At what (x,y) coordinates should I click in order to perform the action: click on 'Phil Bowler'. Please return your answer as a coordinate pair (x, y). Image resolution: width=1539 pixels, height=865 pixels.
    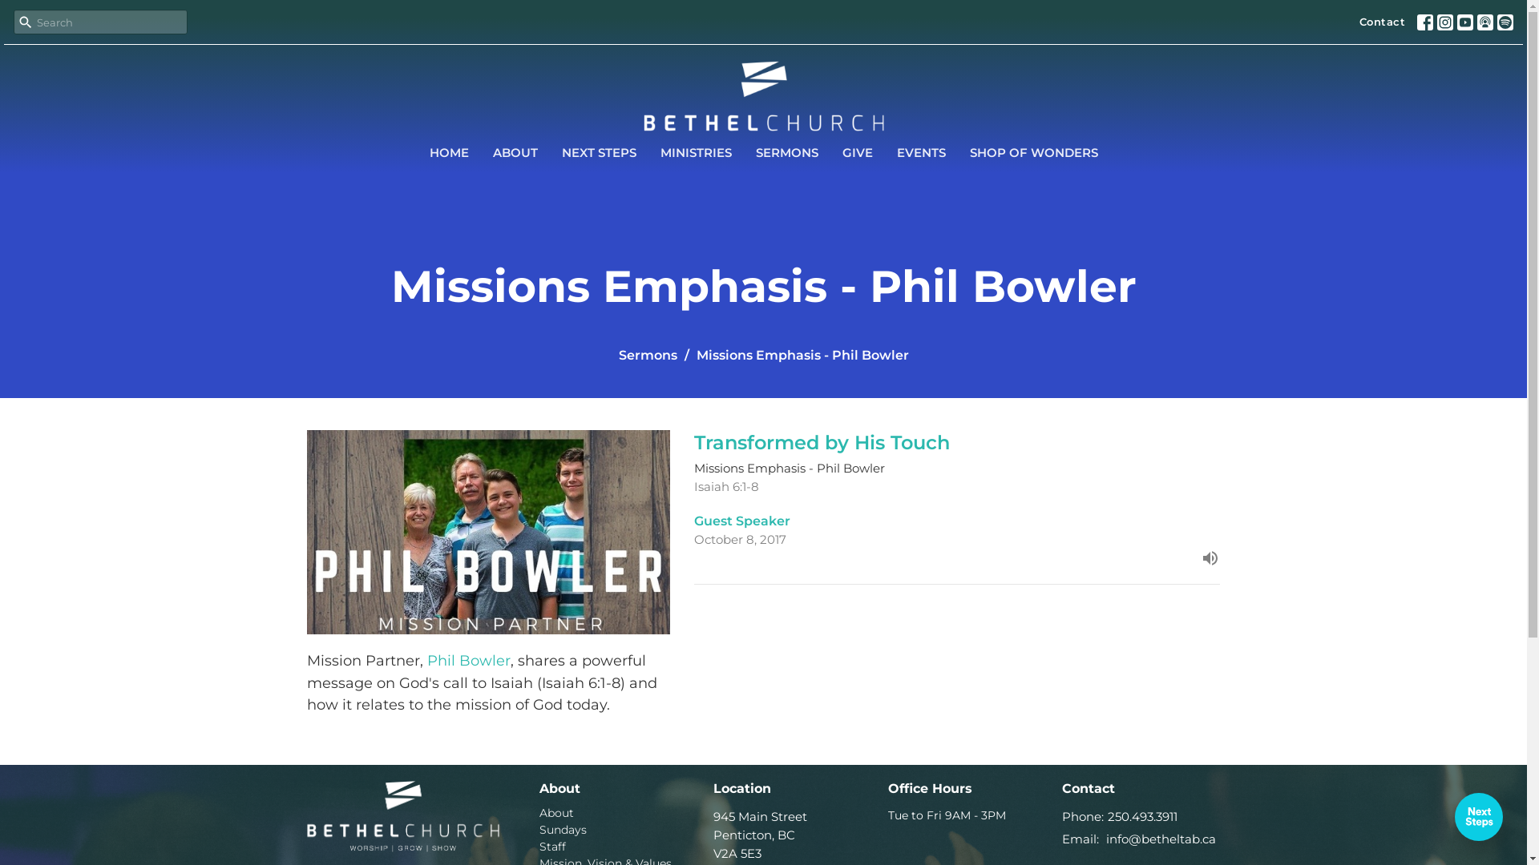
    Looking at the image, I should click on (467, 661).